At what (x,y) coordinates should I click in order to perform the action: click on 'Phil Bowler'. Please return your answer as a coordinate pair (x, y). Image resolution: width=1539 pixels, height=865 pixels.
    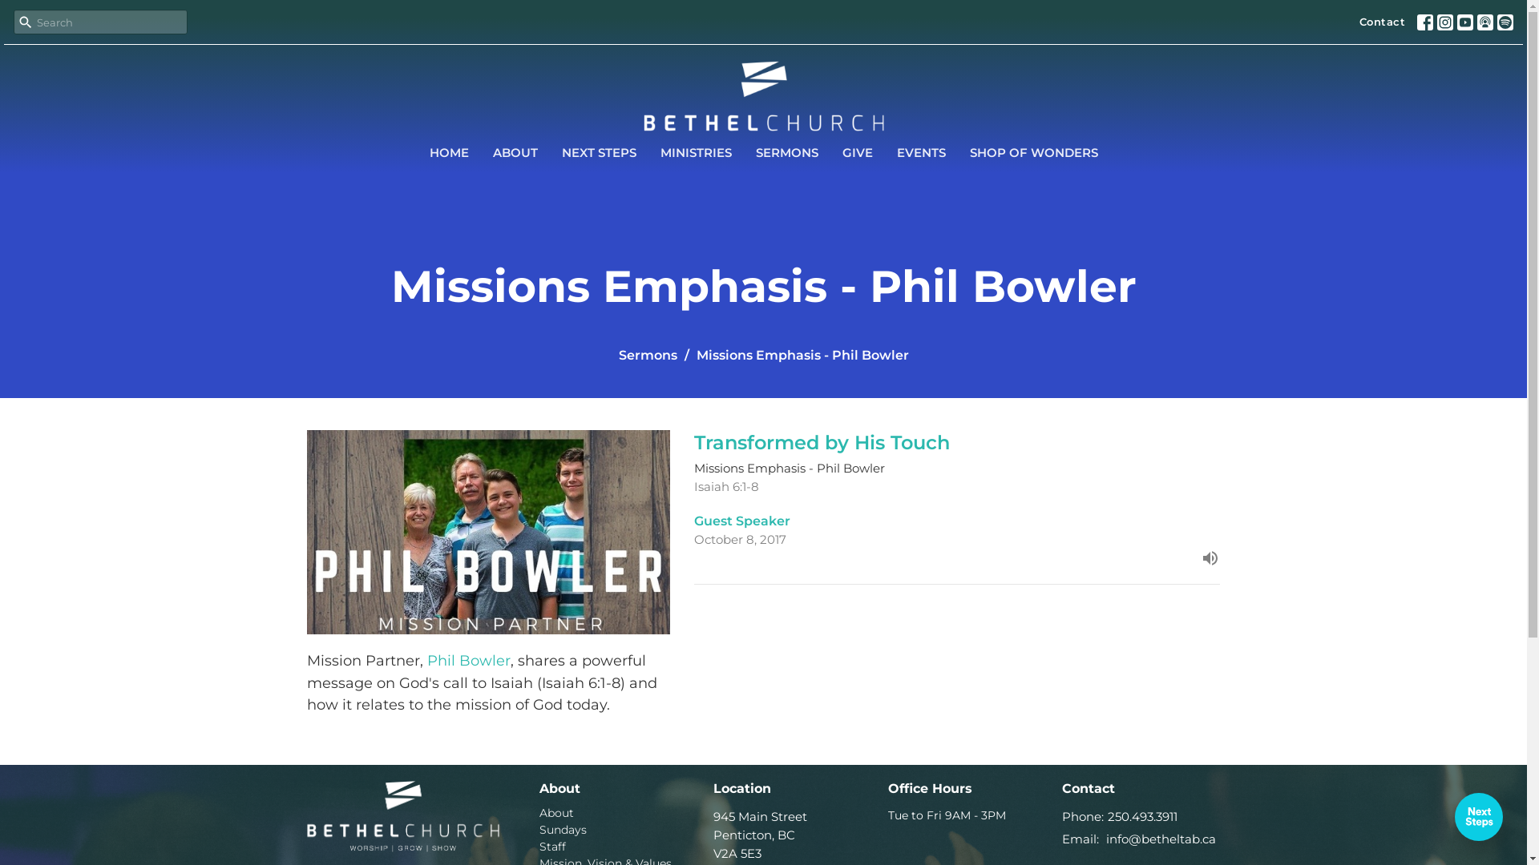
    Looking at the image, I should click on (467, 661).